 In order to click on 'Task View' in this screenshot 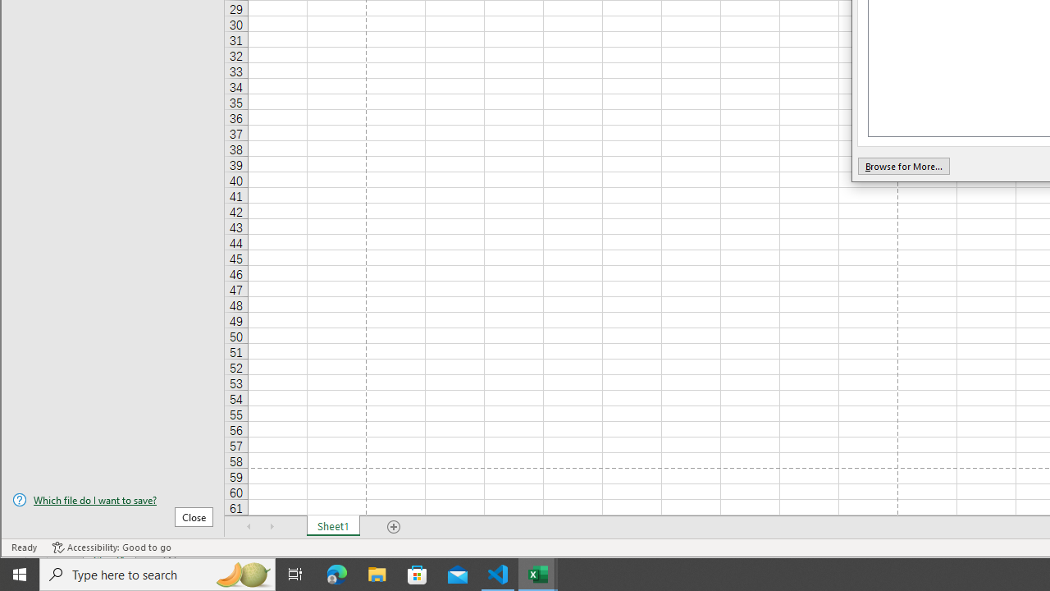, I will do `click(294, 573)`.